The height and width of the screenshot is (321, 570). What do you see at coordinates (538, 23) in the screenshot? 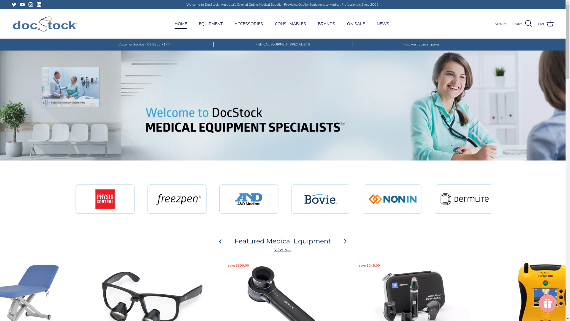
I see `'Cart'` at bounding box center [538, 23].